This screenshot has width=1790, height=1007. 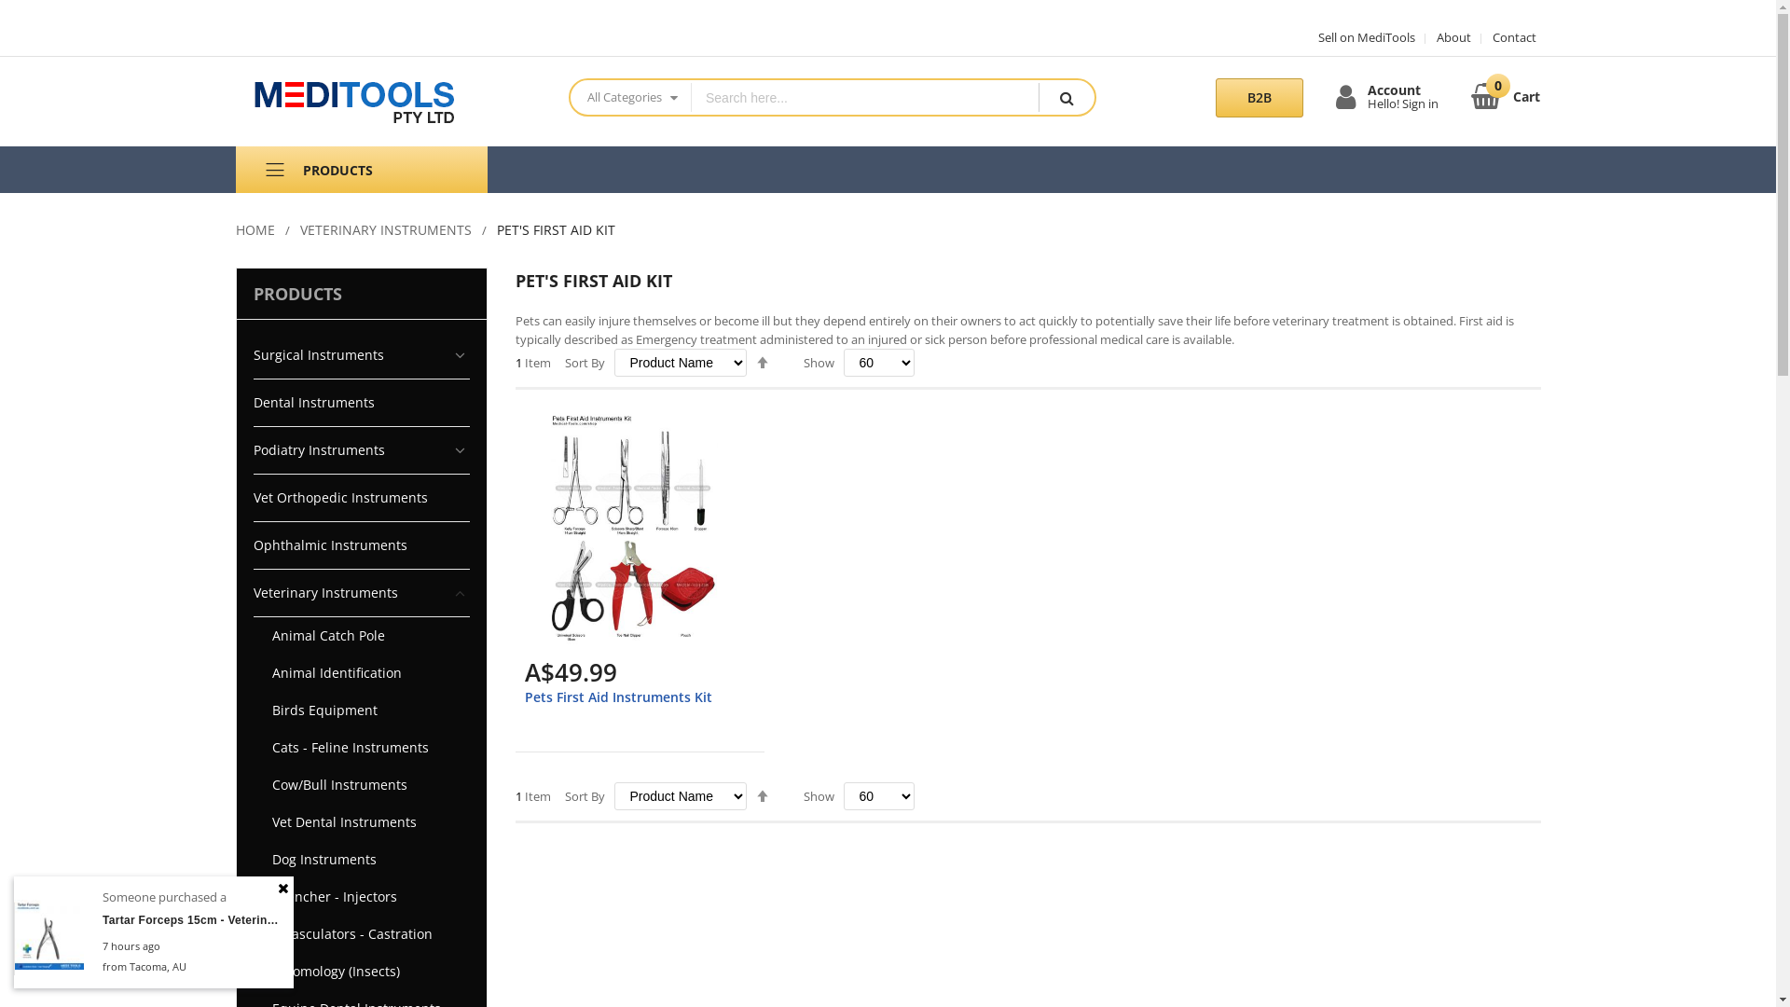 What do you see at coordinates (1508, 36) in the screenshot?
I see `'Contact'` at bounding box center [1508, 36].